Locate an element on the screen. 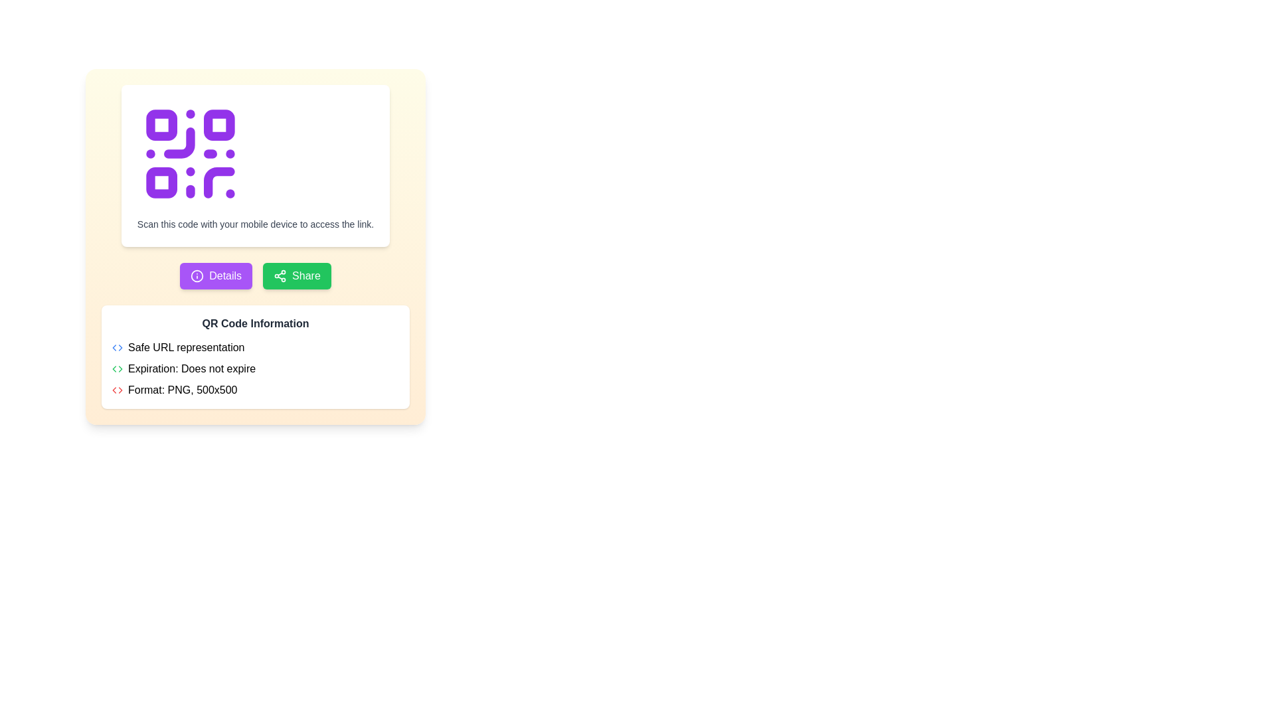 The height and width of the screenshot is (717, 1275). the circular information icon with a lowercase 'i' symbol, which is part of the 'Details' button and is purple in color, located to the left of the text 'Details' below the QR code is located at coordinates (197, 276).